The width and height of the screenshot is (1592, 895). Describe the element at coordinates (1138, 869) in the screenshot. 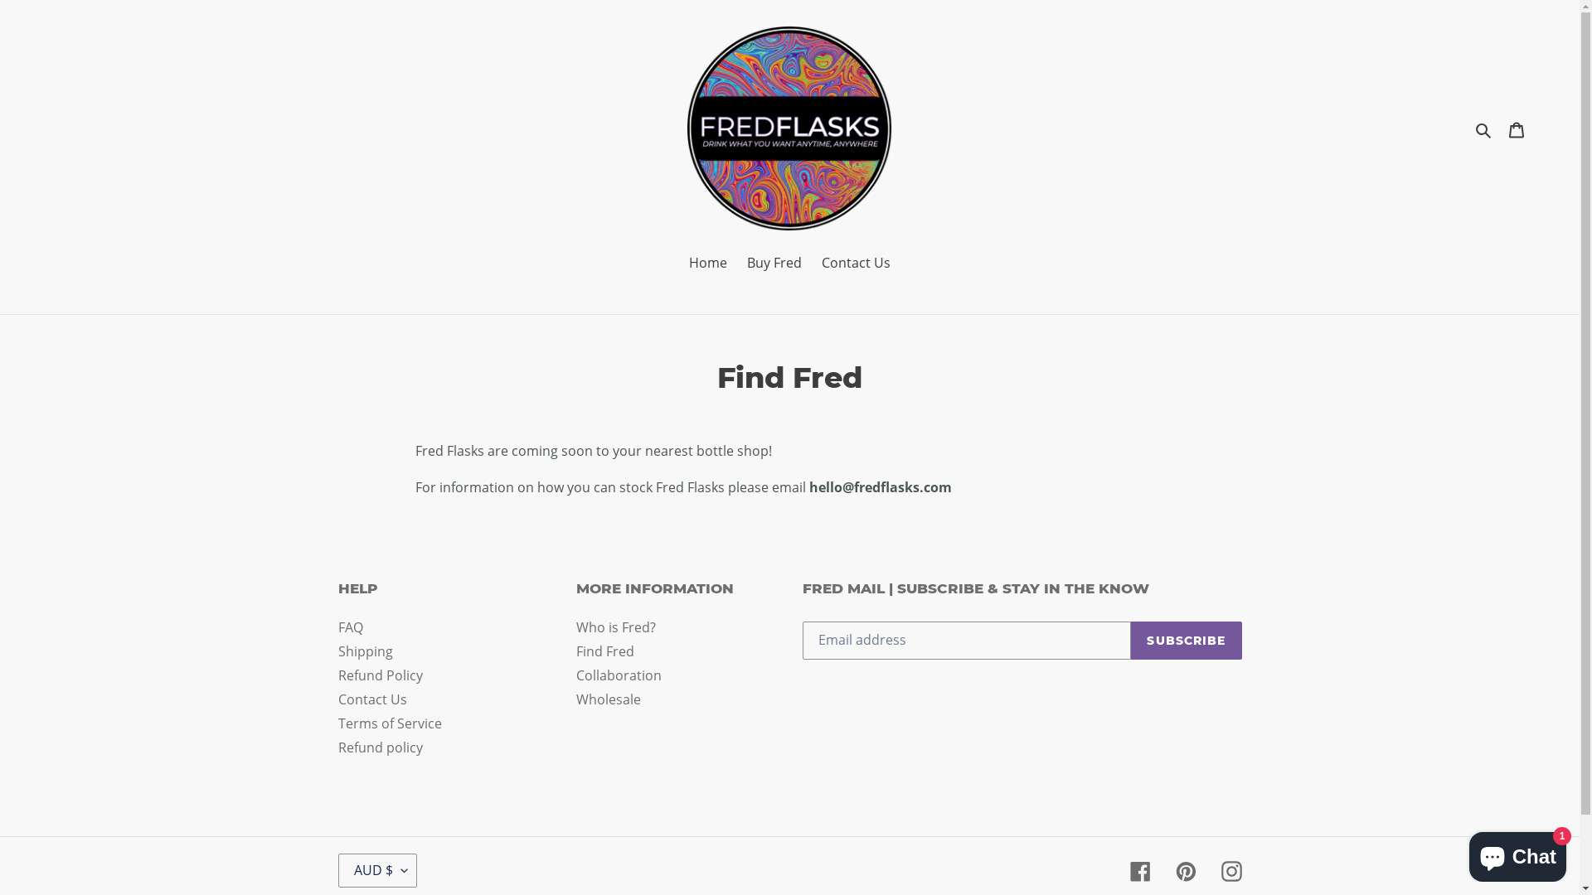

I see `'Facebook'` at that location.